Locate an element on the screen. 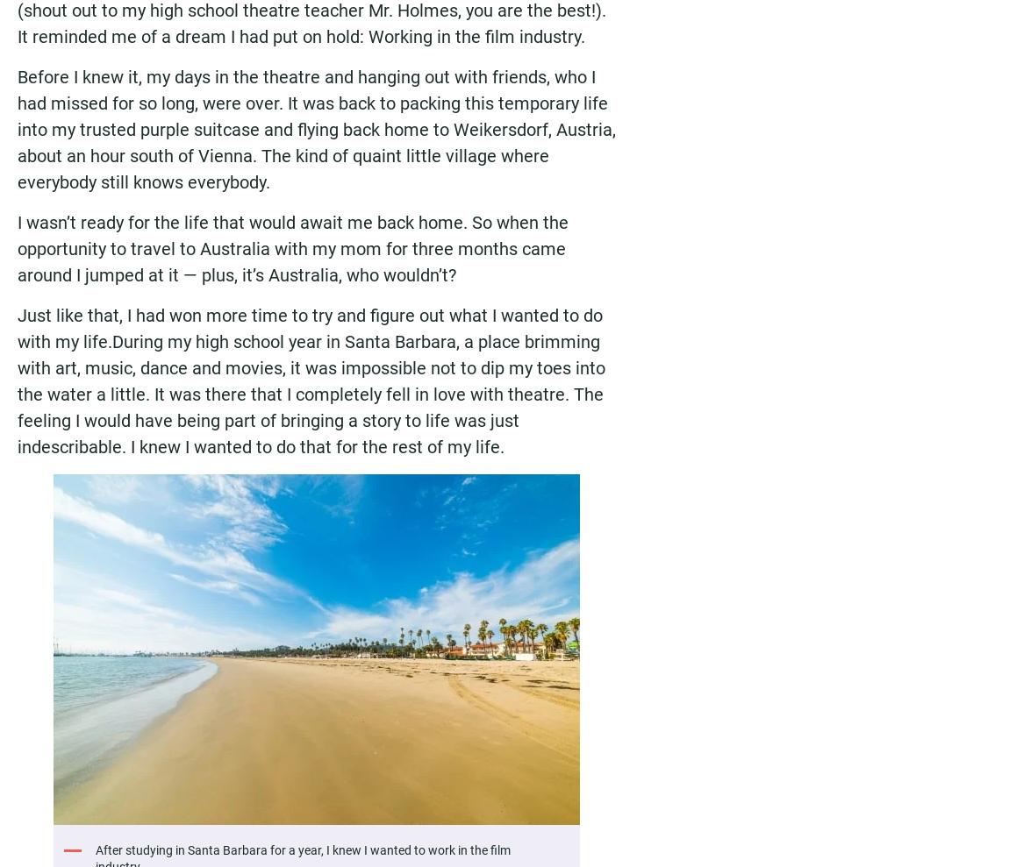 The image size is (1009, 867). 'Report: Three Canadian cities rank among Top 10 most liveable in the world' is located at coordinates (347, 534).